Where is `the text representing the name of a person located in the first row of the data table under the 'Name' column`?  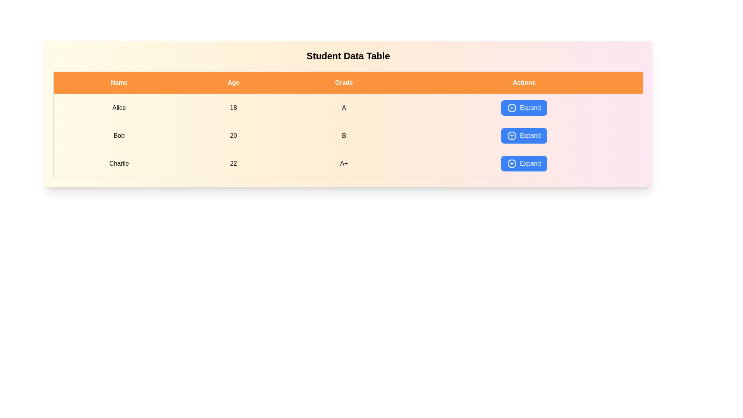
the text representing the name of a person located in the first row of the data table under the 'Name' column is located at coordinates (118, 108).